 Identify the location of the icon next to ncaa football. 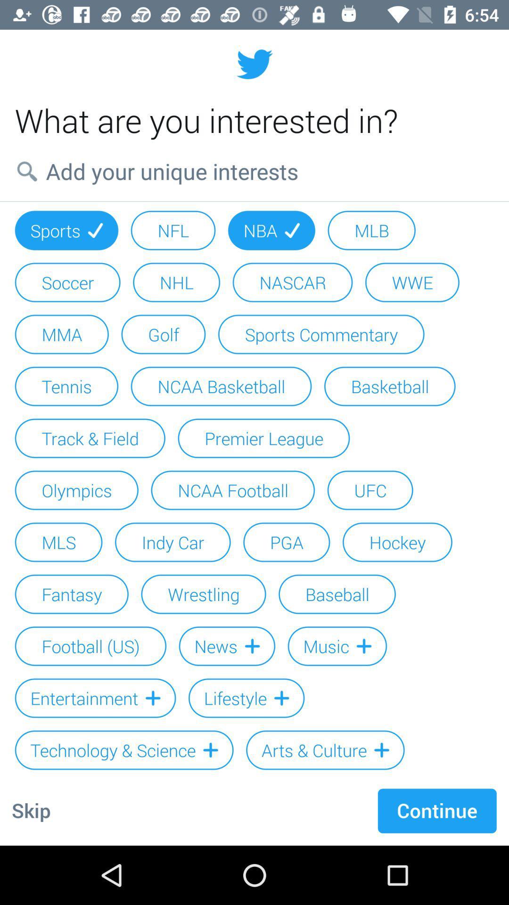
(369, 490).